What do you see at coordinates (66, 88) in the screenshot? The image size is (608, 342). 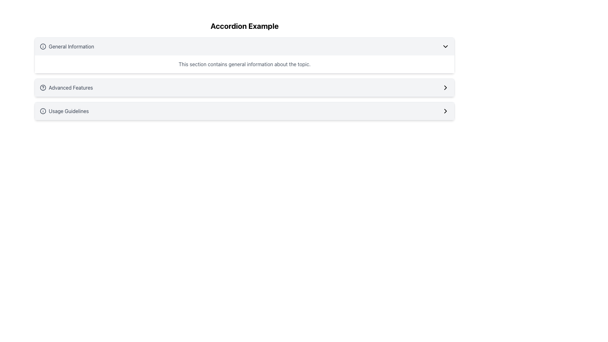 I see `the 'Advanced Features' label in the accordion interface, which is the second item in the vertically stacked list` at bounding box center [66, 88].